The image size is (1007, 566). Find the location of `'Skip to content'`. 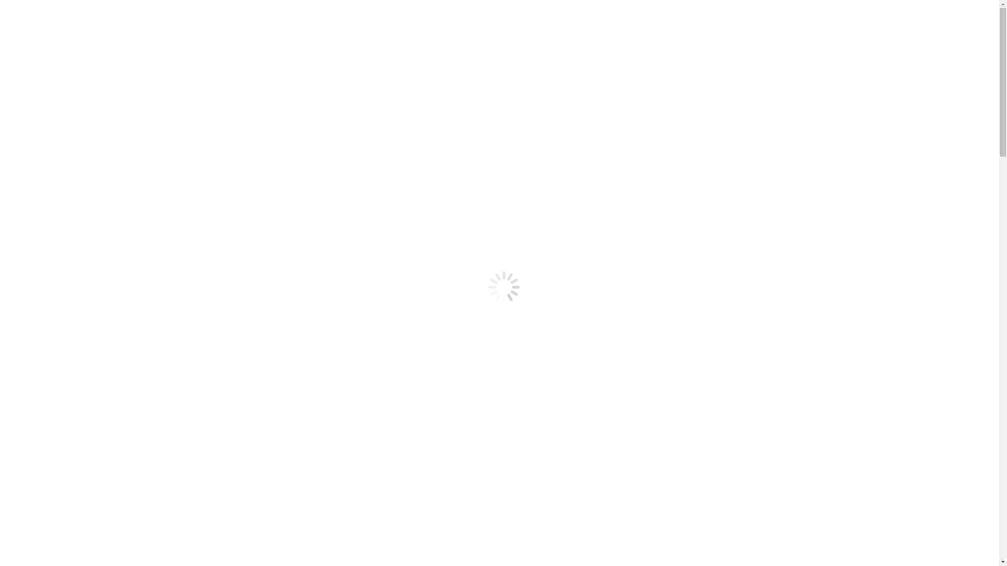

'Skip to content' is located at coordinates (29, 8).